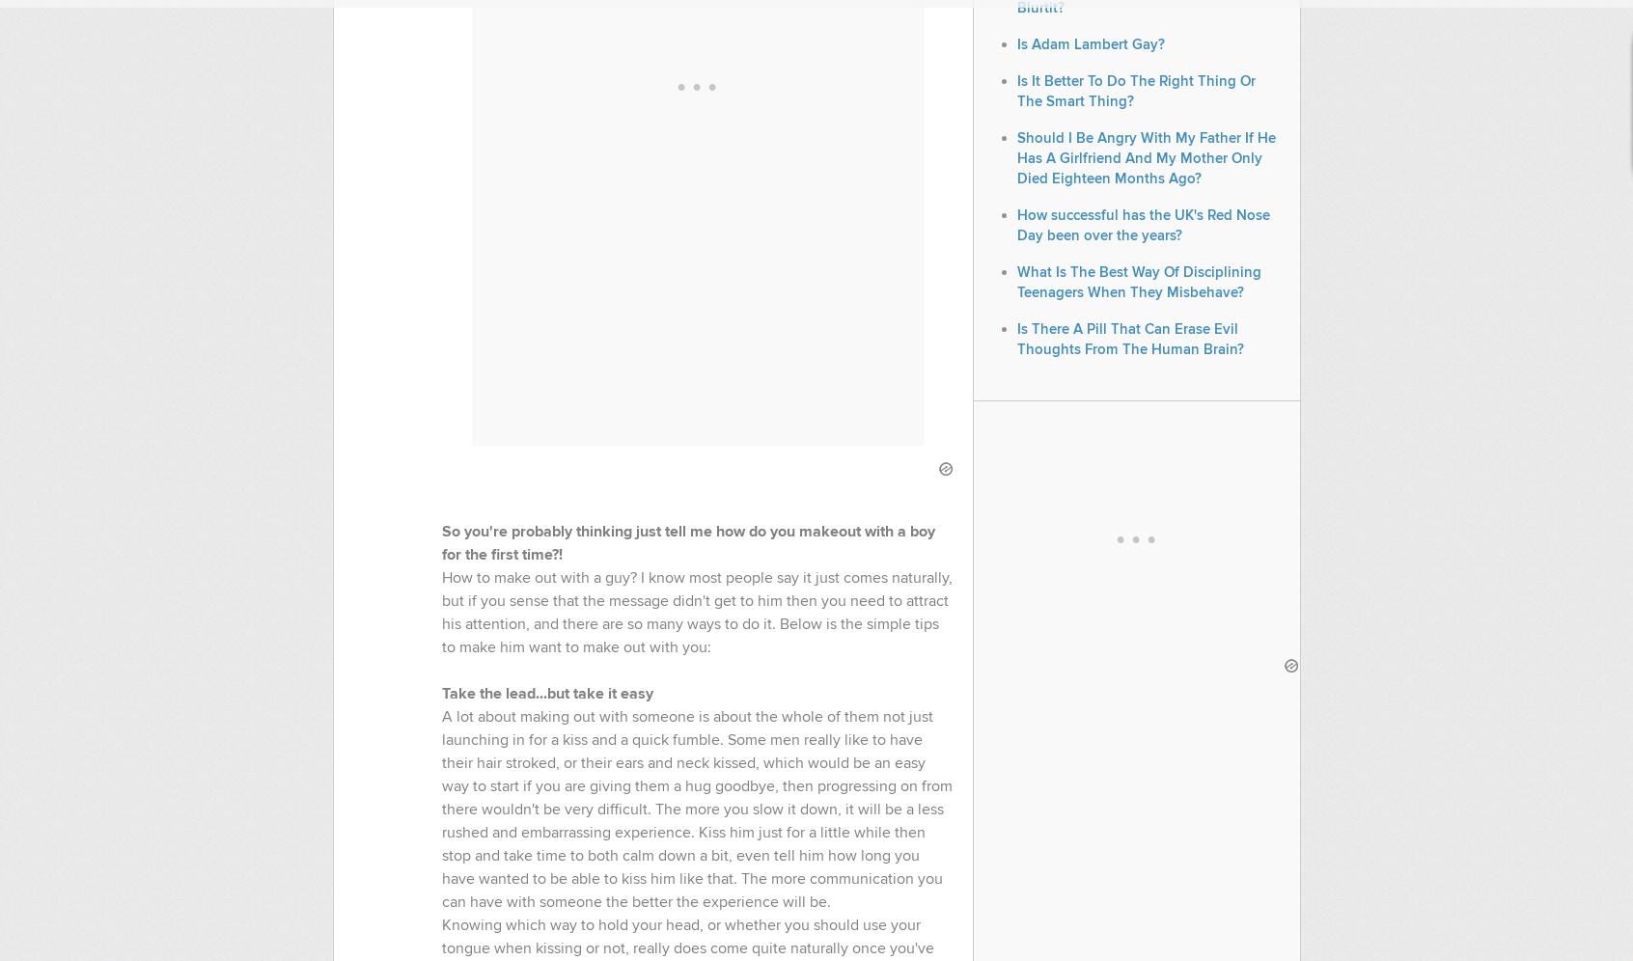 The height and width of the screenshot is (961, 1633). What do you see at coordinates (695, 809) in the screenshot?
I see `'A lot about making out with someone is about the whole of them not just launching in for a kiss and a quick fumble. Some men really like to have their hair stroked, or their ears and neck kissed, which would be an easy way to start if you are giving them a hug goodbye, then progressing on from there wouldn't be very difficult. The more you slow it down, it will be a less rushed and embarrassing experience. Kiss him just for a little while then stop and take time to both calm down a bit, even tell him how long you have wanted to be able to kiss him like that. The more communication you can have with someone the better the experience will be.'` at bounding box center [695, 809].